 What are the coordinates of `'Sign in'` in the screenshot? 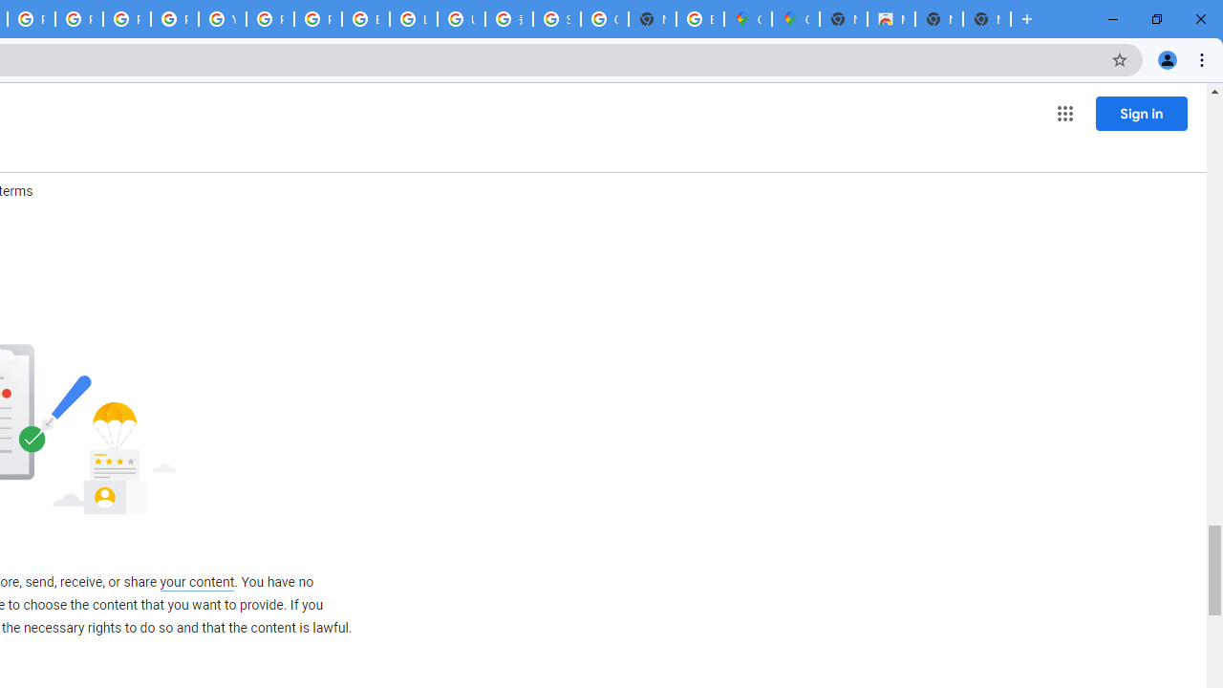 It's located at (1141, 113).